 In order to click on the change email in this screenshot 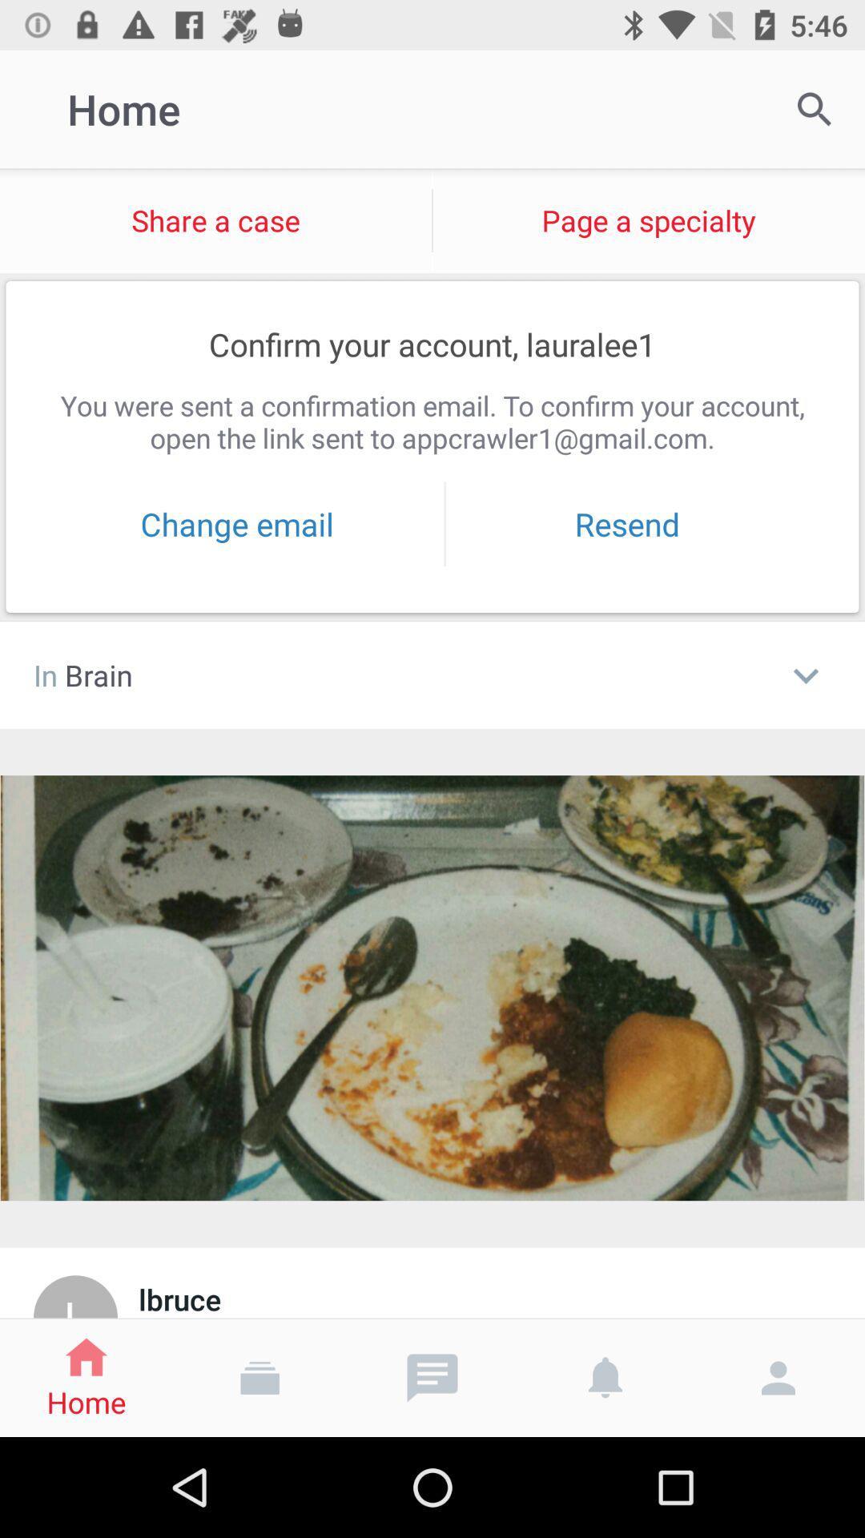, I will do `click(237, 524)`.